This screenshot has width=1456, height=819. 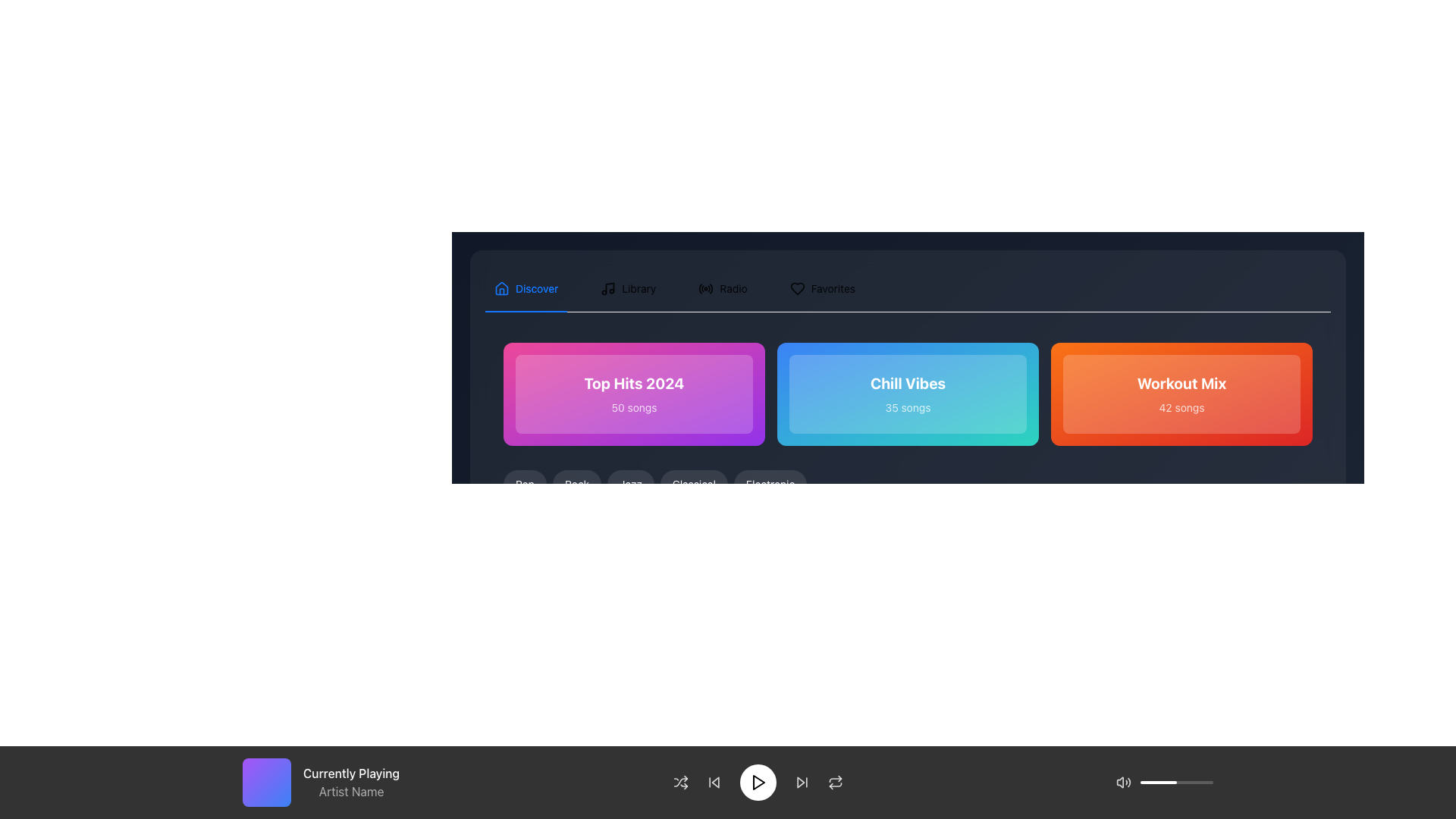 I want to click on the 'Favorites' label in the navigation bar, which is styled in a clean, sans-serif font and is positioned to the right of a heart icon, so click(x=832, y=289).